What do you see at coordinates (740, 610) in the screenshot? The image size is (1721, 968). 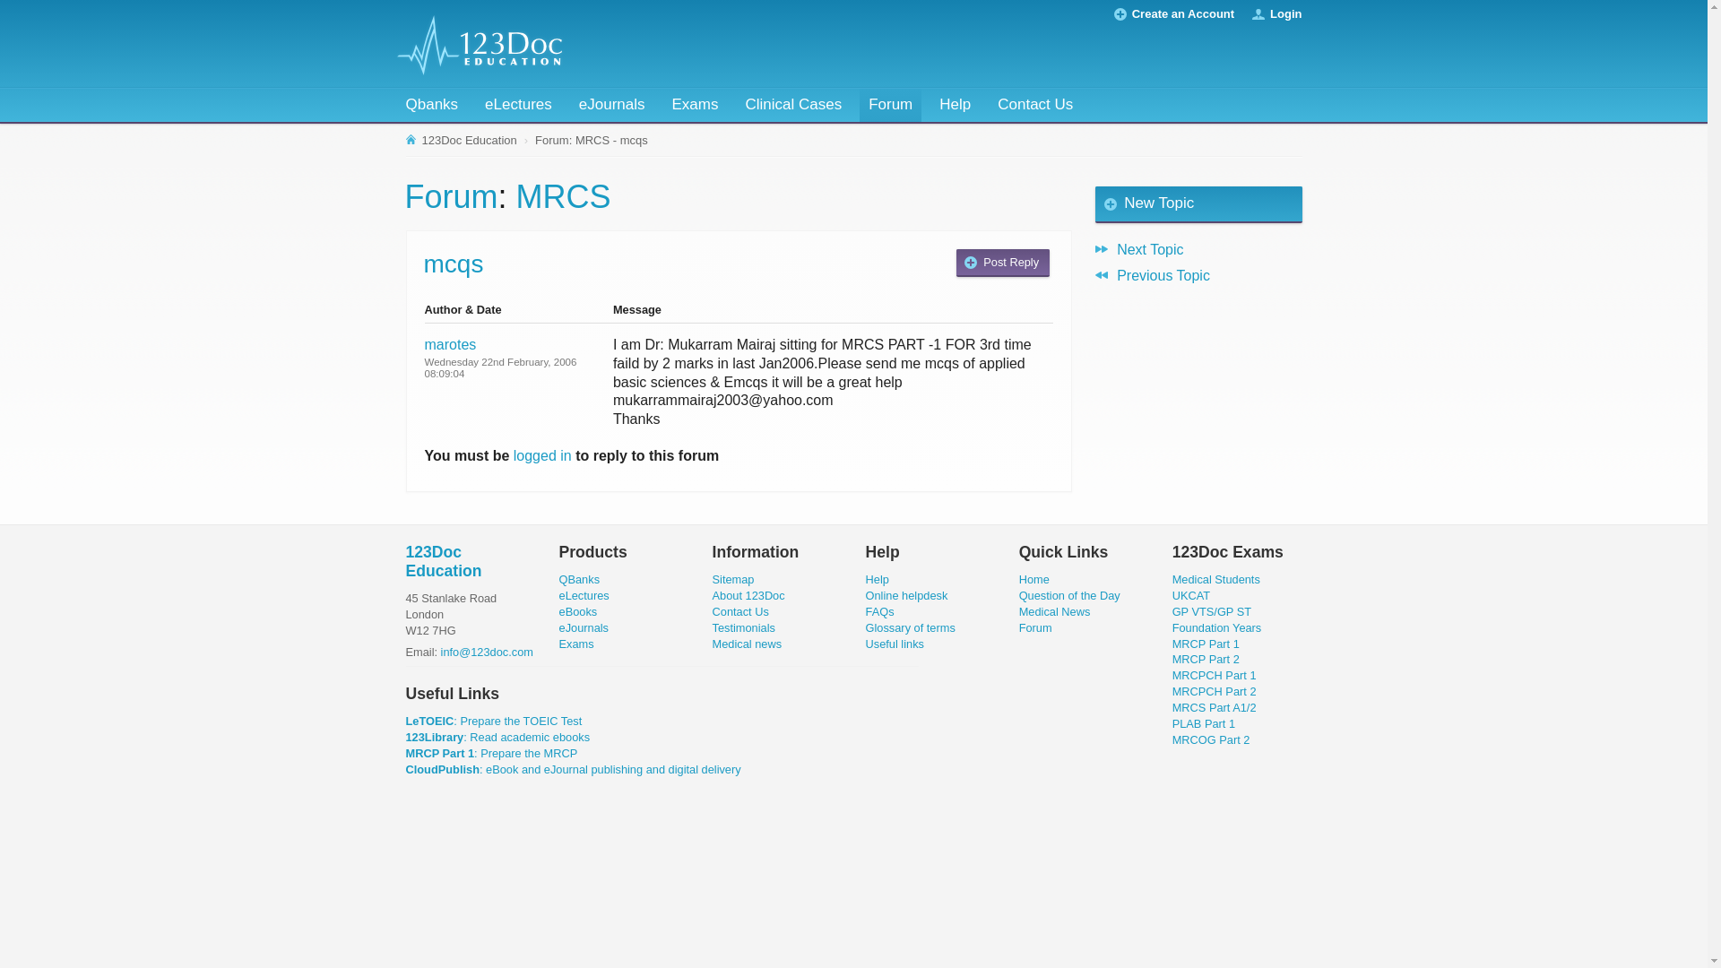 I see `'Contact Us'` at bounding box center [740, 610].